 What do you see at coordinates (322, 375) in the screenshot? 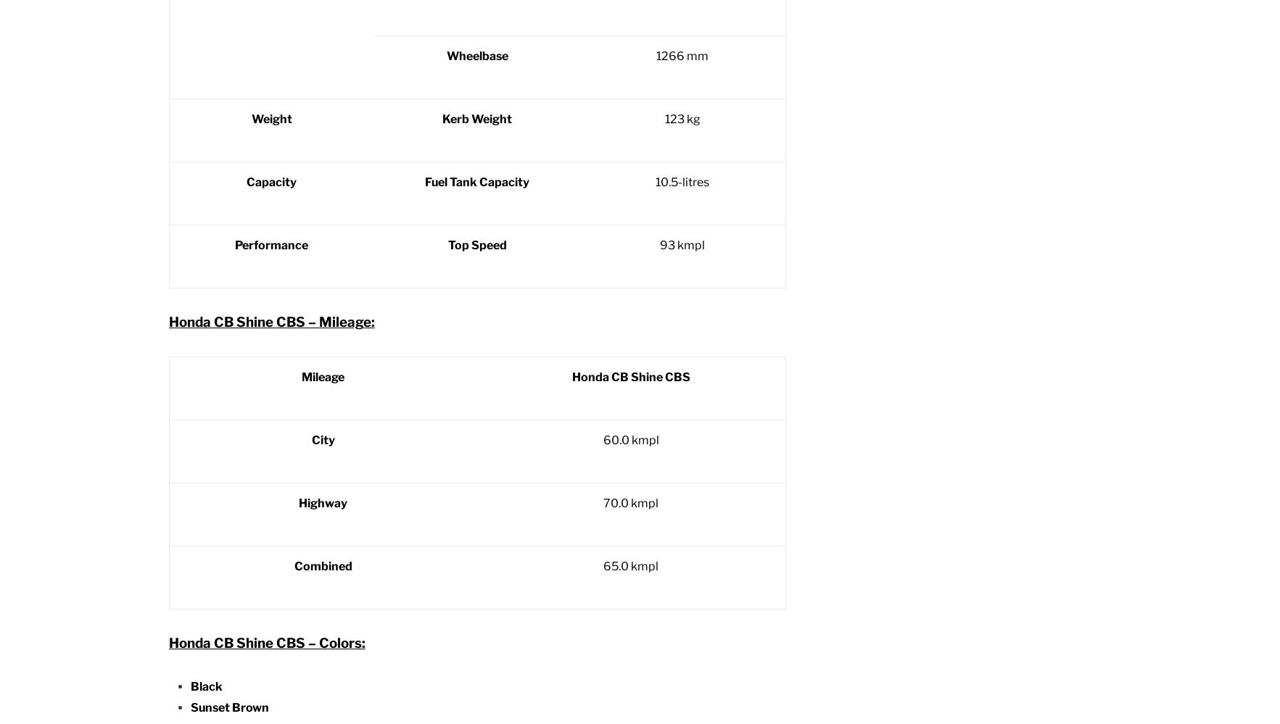
I see `'Mileage'` at bounding box center [322, 375].